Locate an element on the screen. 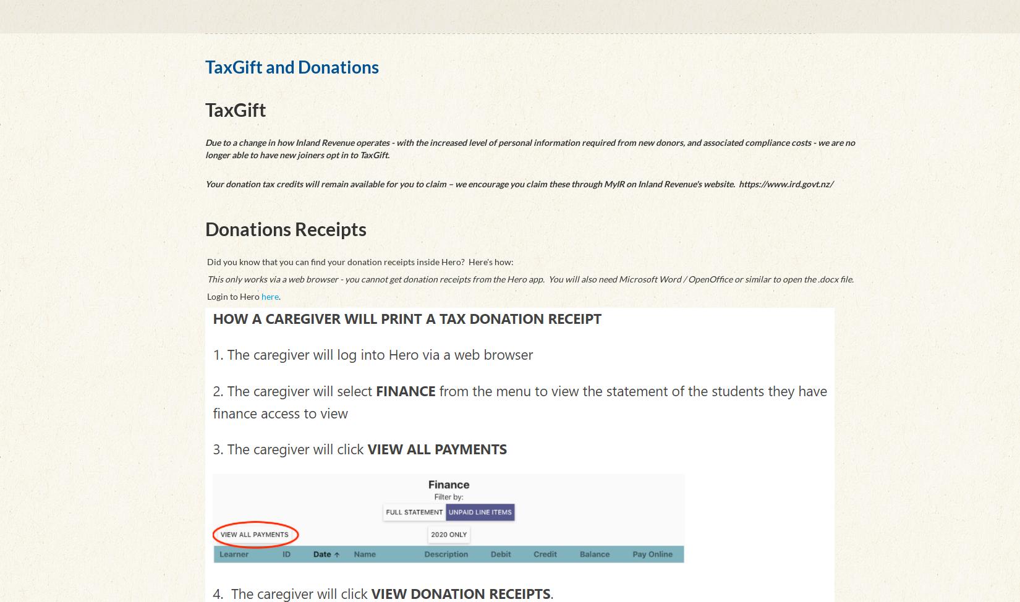 The height and width of the screenshot is (602, 1020). 'Login to Hero' is located at coordinates (205, 295).